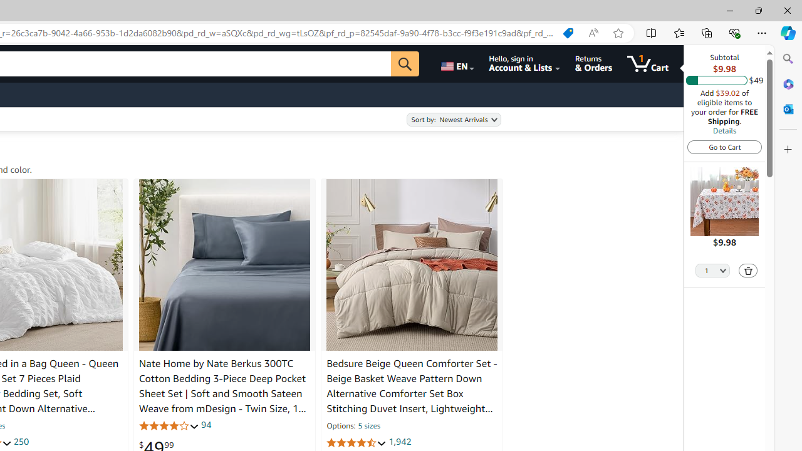 The width and height of the screenshot is (802, 451). I want to click on 'Go to Cart', so click(724, 146).